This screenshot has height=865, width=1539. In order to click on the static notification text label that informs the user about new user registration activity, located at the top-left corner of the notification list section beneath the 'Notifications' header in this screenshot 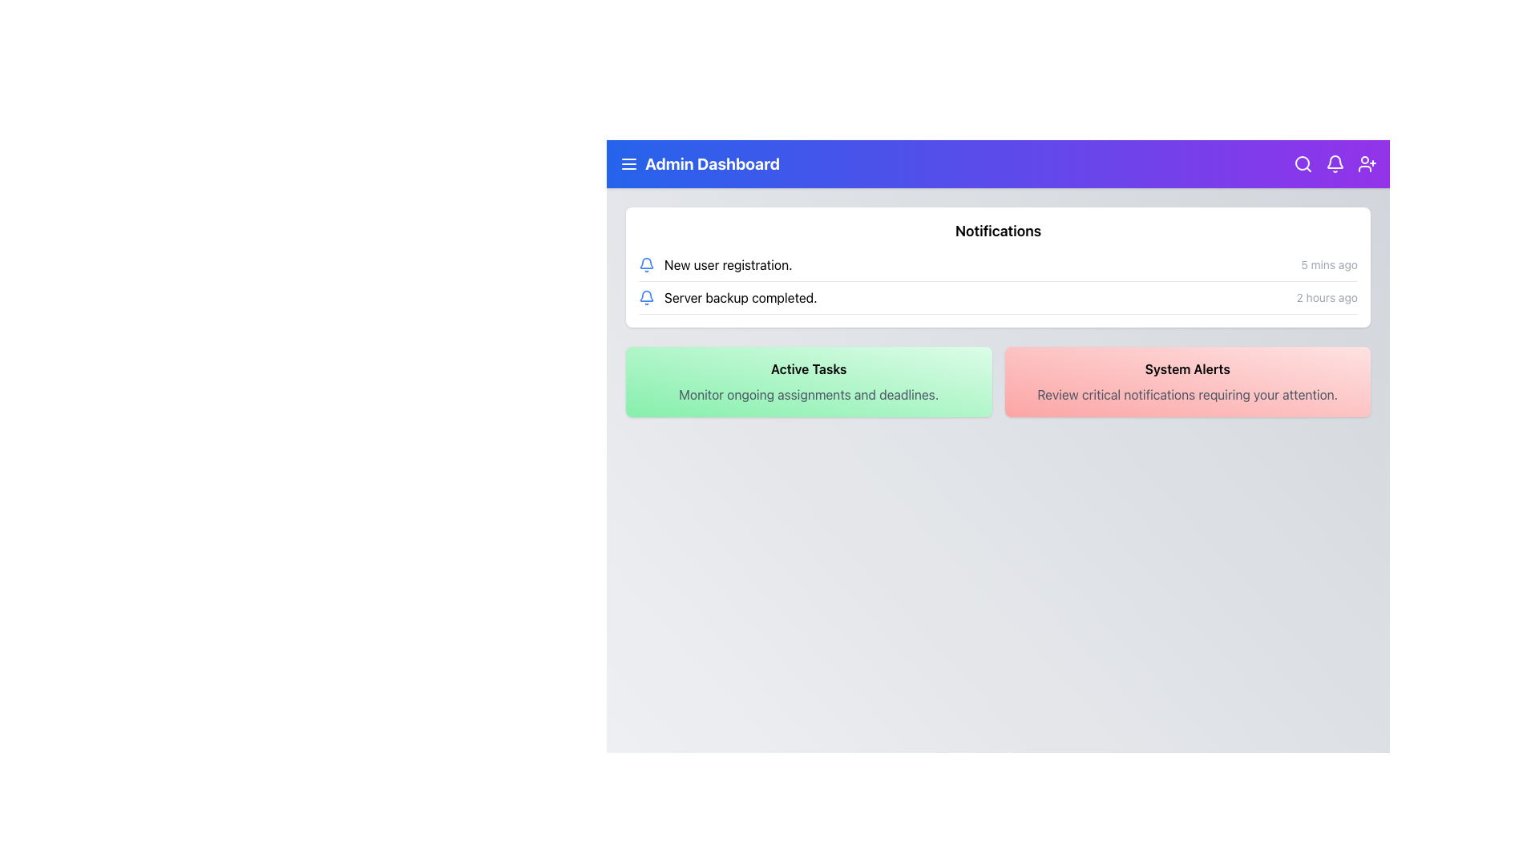, I will do `click(727, 264)`.